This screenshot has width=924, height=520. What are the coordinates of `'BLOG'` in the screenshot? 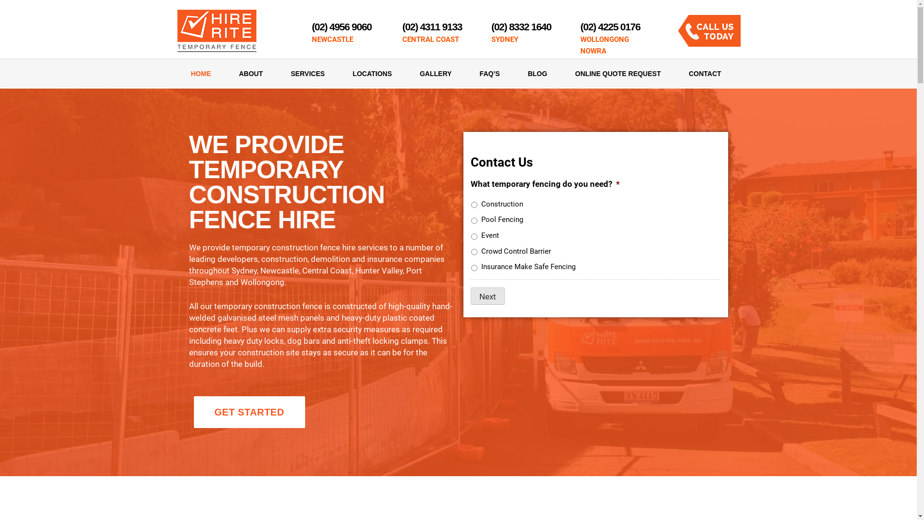 It's located at (513, 73).